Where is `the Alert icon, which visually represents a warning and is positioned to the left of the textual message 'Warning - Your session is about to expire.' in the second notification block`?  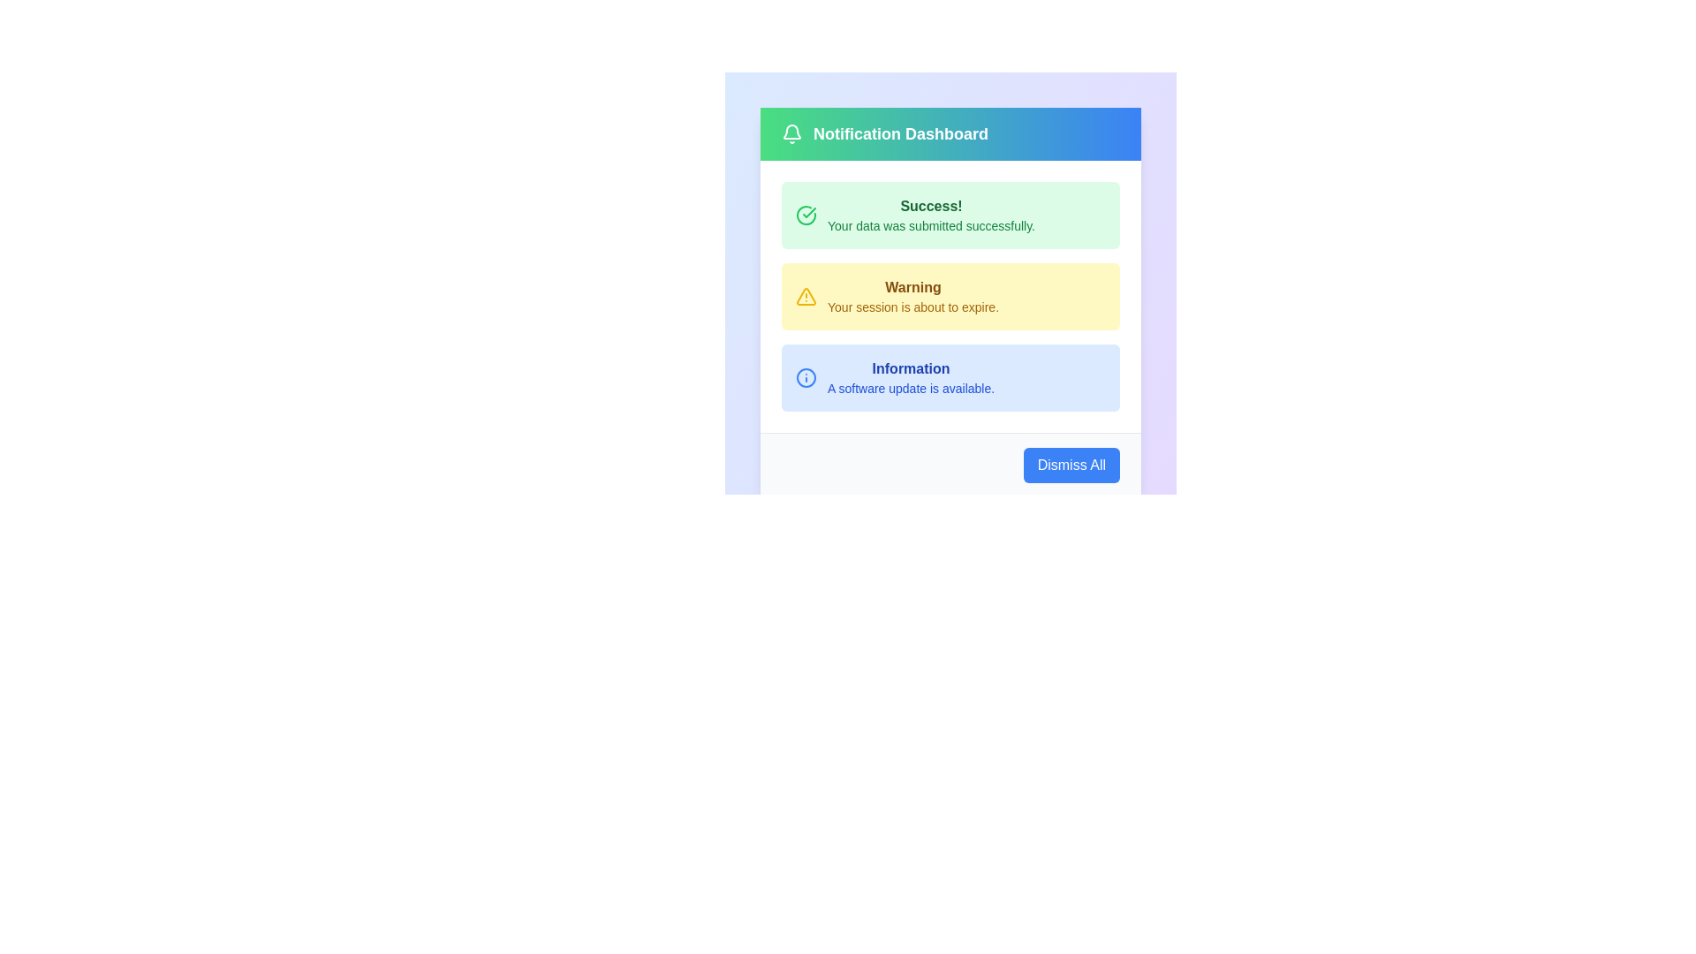
the Alert icon, which visually represents a warning and is positioned to the left of the textual message 'Warning - Your session is about to expire.' in the second notification block is located at coordinates (805, 295).